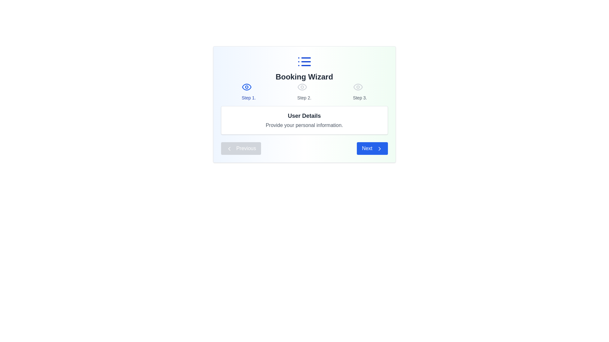 The image size is (609, 342). What do you see at coordinates (372, 149) in the screenshot?
I see `the blue button labeled 'Next' with a right-pointing chevron` at bounding box center [372, 149].